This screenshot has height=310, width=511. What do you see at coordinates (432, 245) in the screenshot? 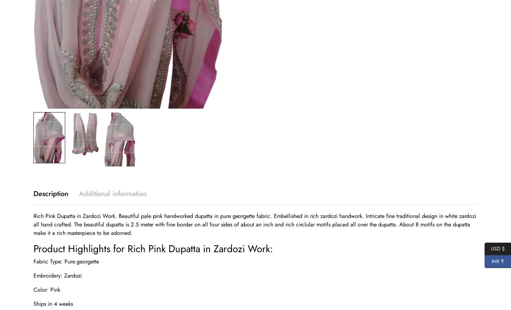
I see `'All Products'` at bounding box center [432, 245].